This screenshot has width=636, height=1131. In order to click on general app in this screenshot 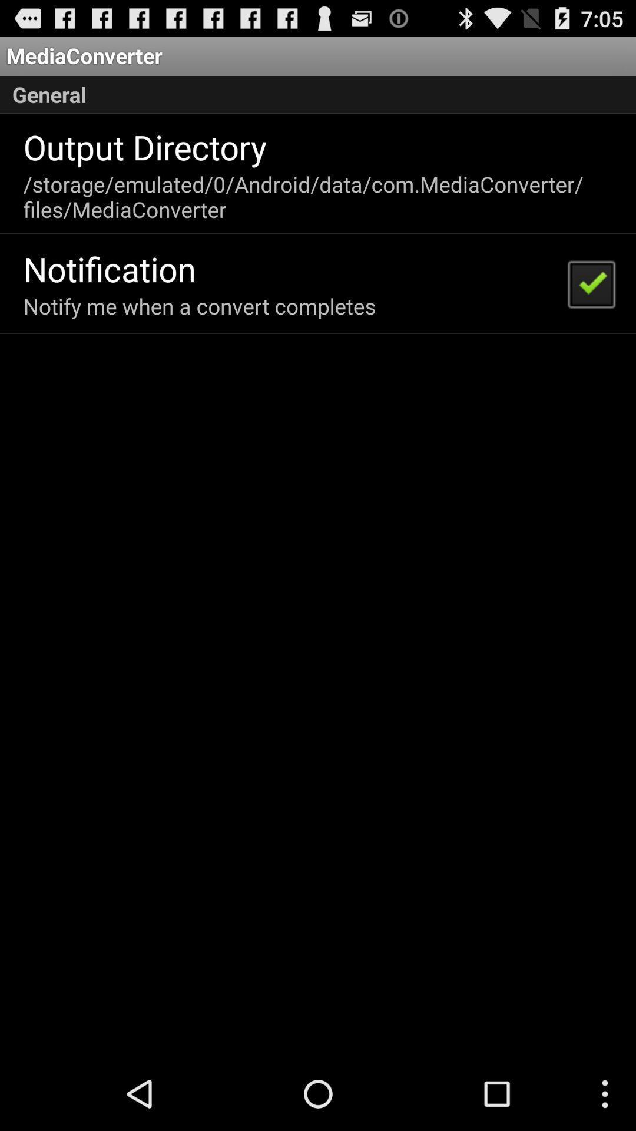, I will do `click(318, 95)`.